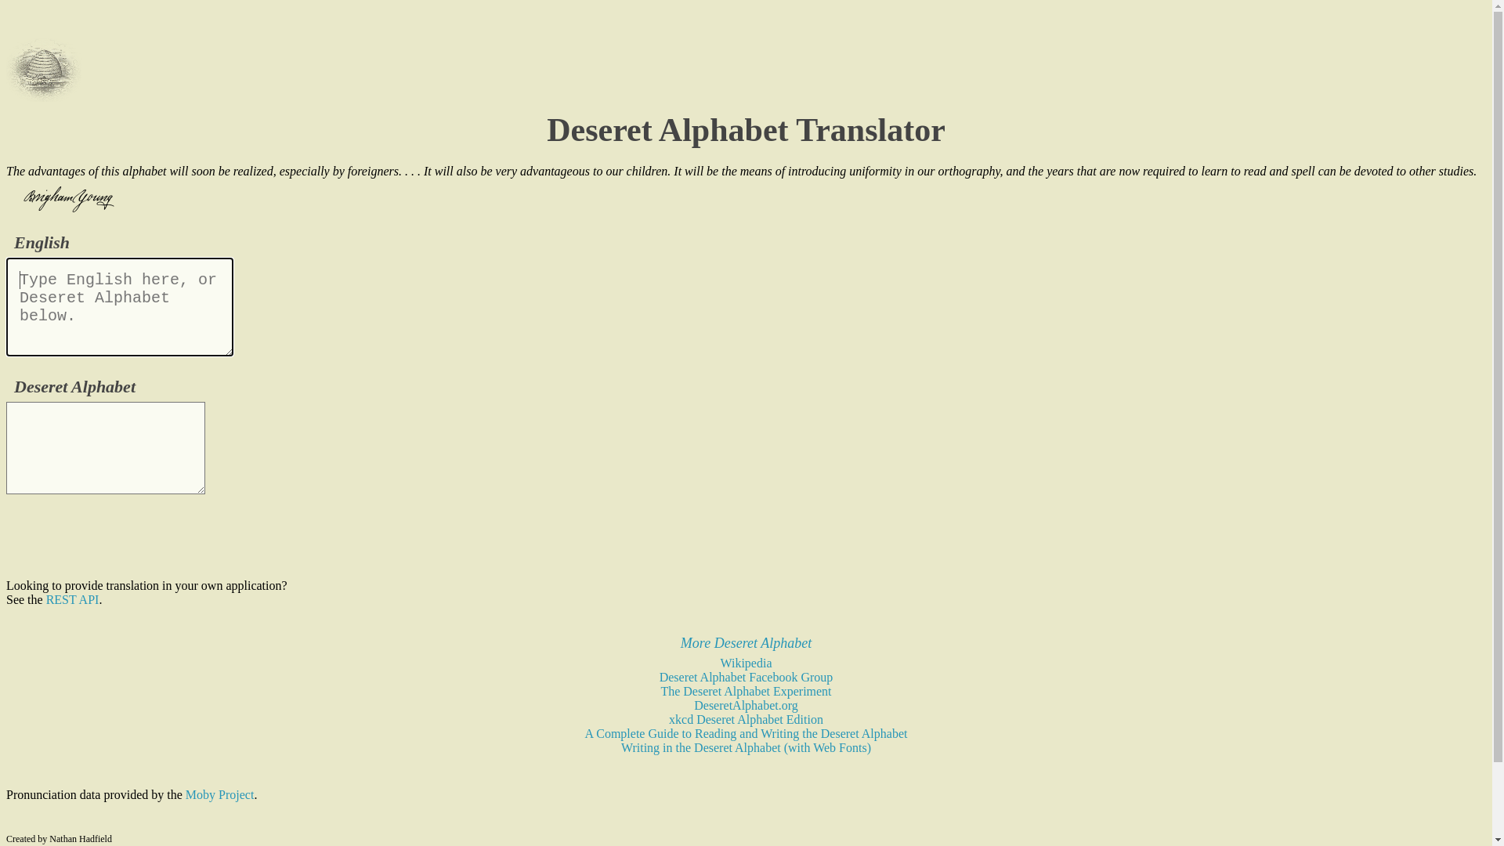  What do you see at coordinates (746, 676) in the screenshot?
I see `'Deseret Alphabet Facebook Group'` at bounding box center [746, 676].